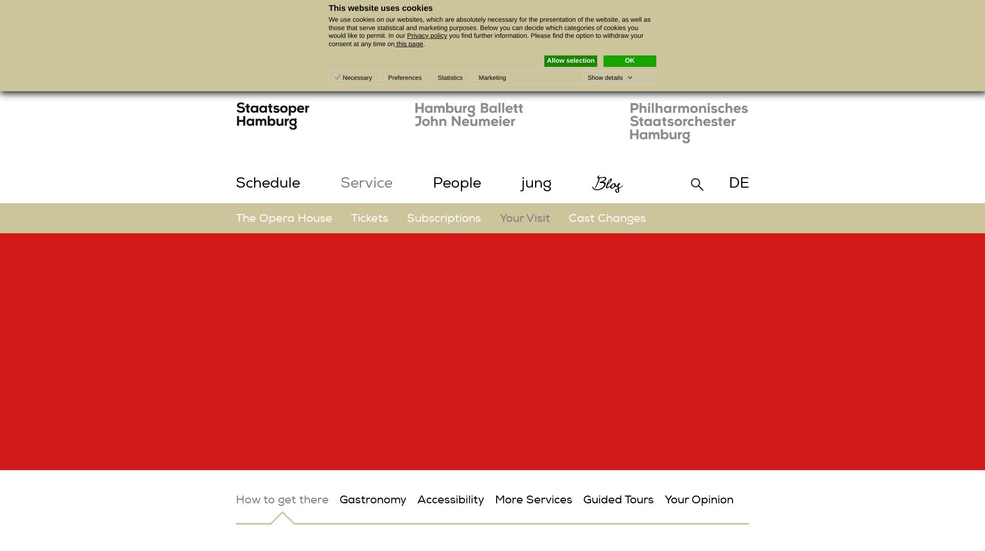 The width and height of the screenshot is (985, 551). I want to click on 'this page', so click(408, 43).